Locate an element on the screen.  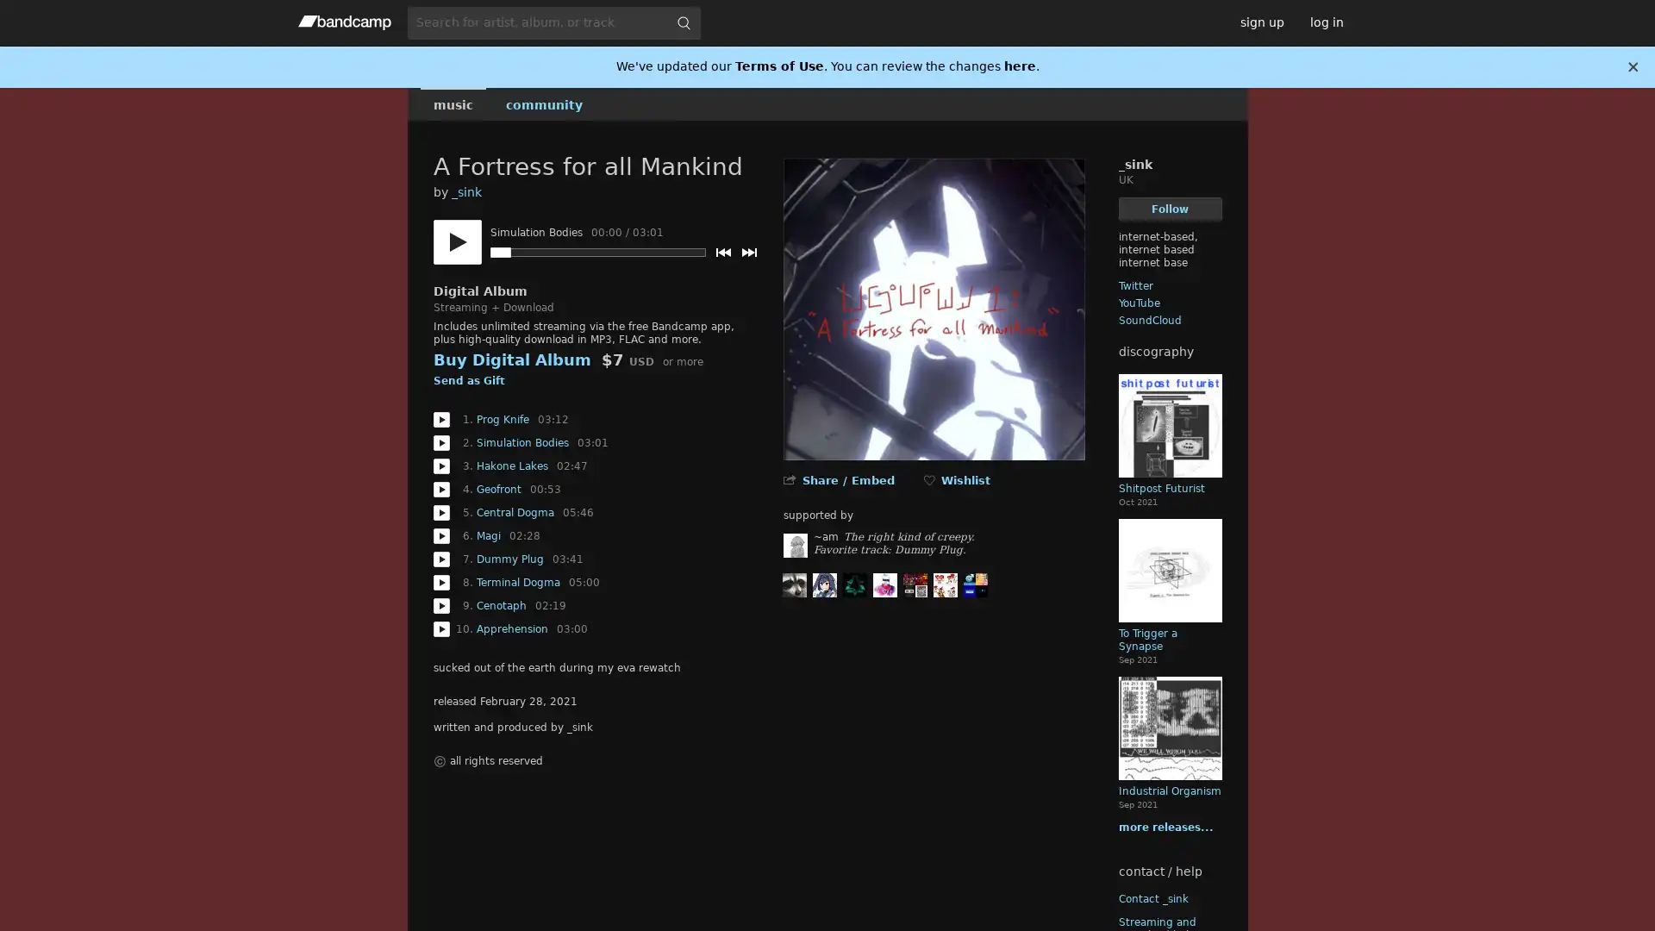
Play Apprehension is located at coordinates (440, 628).